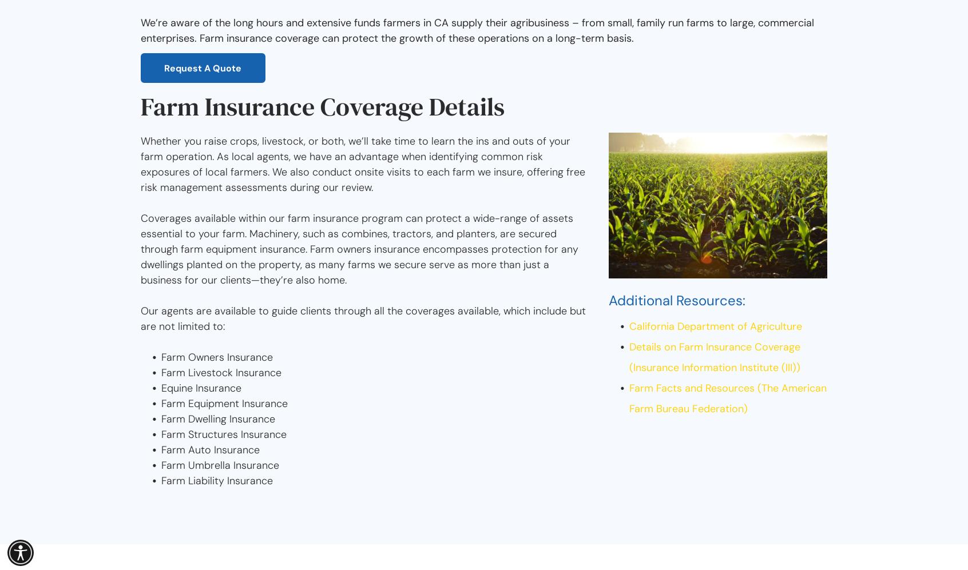  What do you see at coordinates (200, 388) in the screenshot?
I see `'Equine Insurance'` at bounding box center [200, 388].